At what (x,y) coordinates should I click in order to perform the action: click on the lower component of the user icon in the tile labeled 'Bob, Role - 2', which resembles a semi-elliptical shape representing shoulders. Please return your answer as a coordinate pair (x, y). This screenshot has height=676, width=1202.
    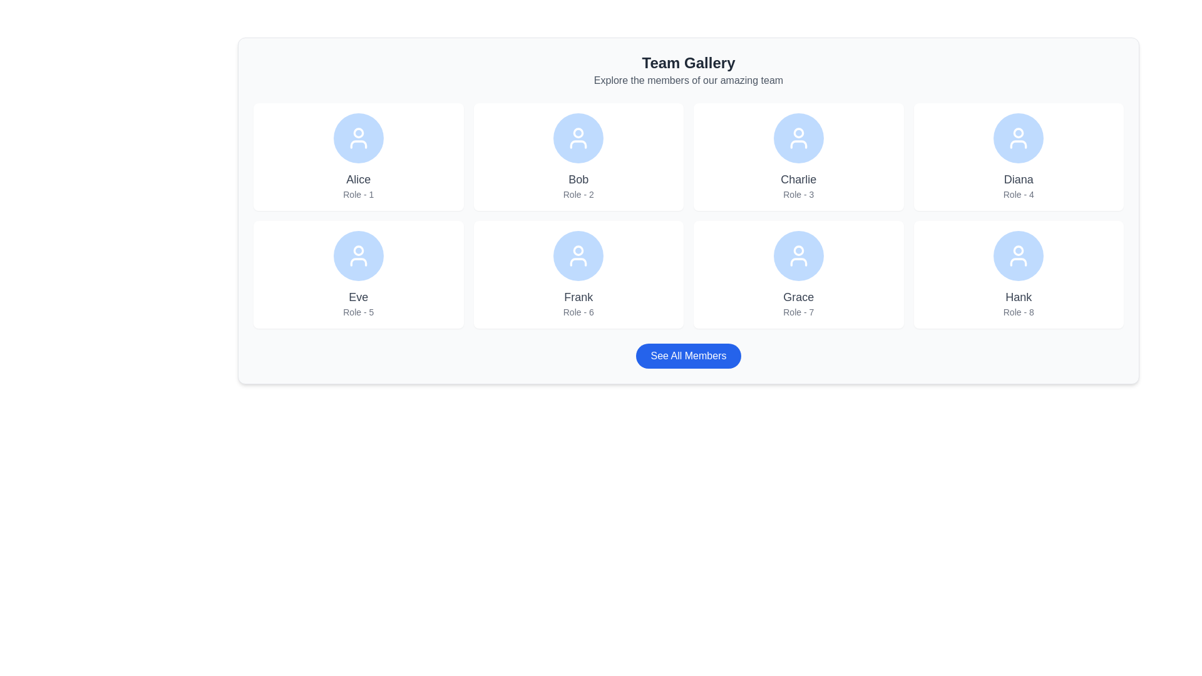
    Looking at the image, I should click on (578, 144).